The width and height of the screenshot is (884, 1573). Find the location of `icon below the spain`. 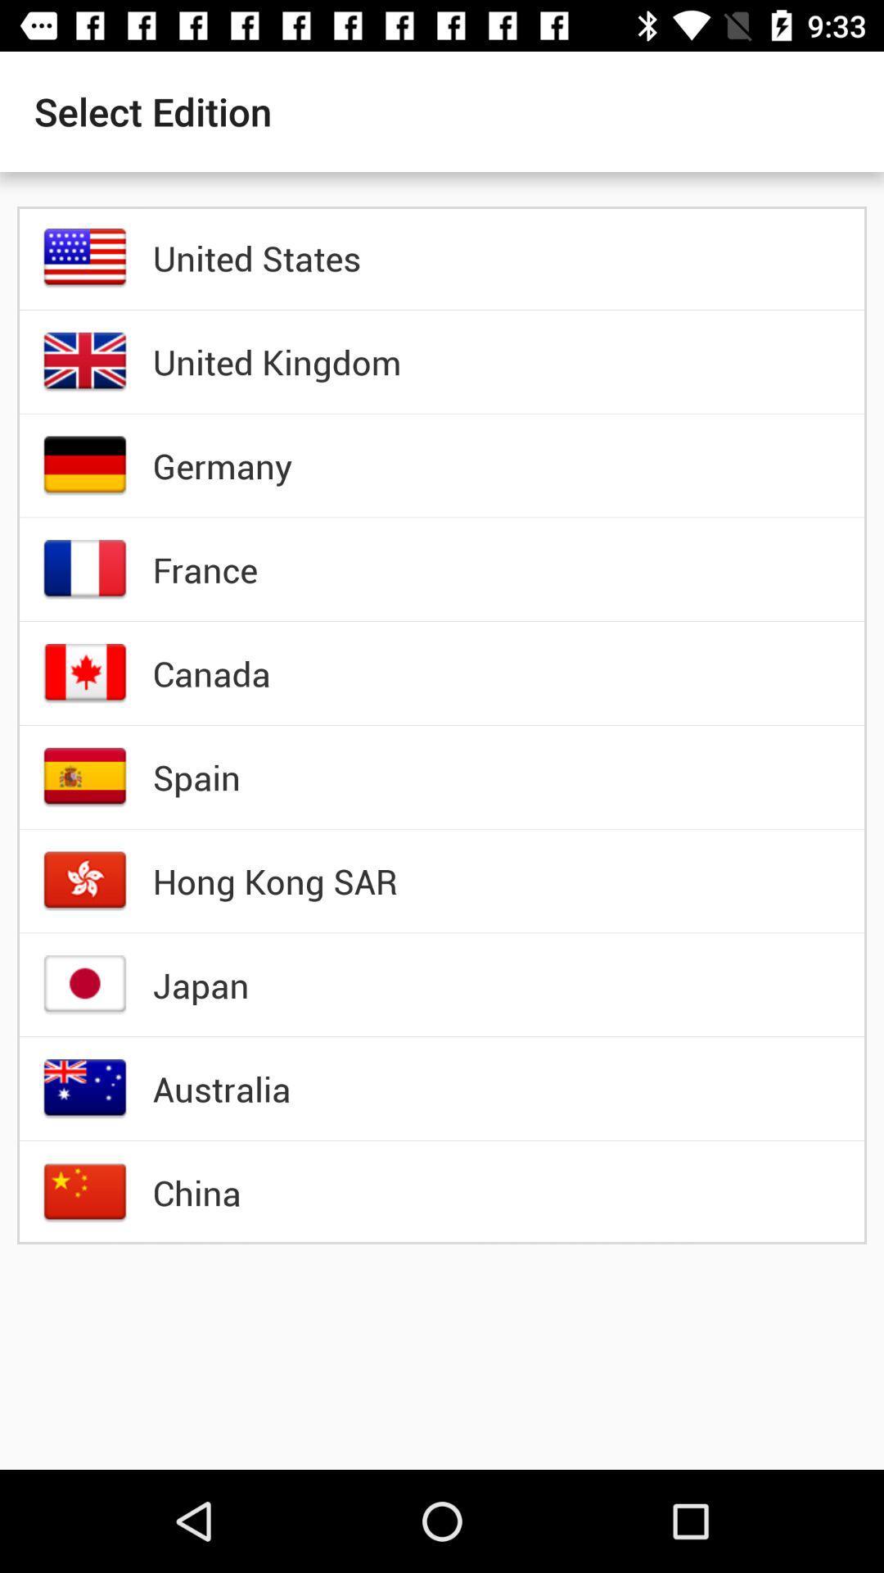

icon below the spain is located at coordinates (274, 880).